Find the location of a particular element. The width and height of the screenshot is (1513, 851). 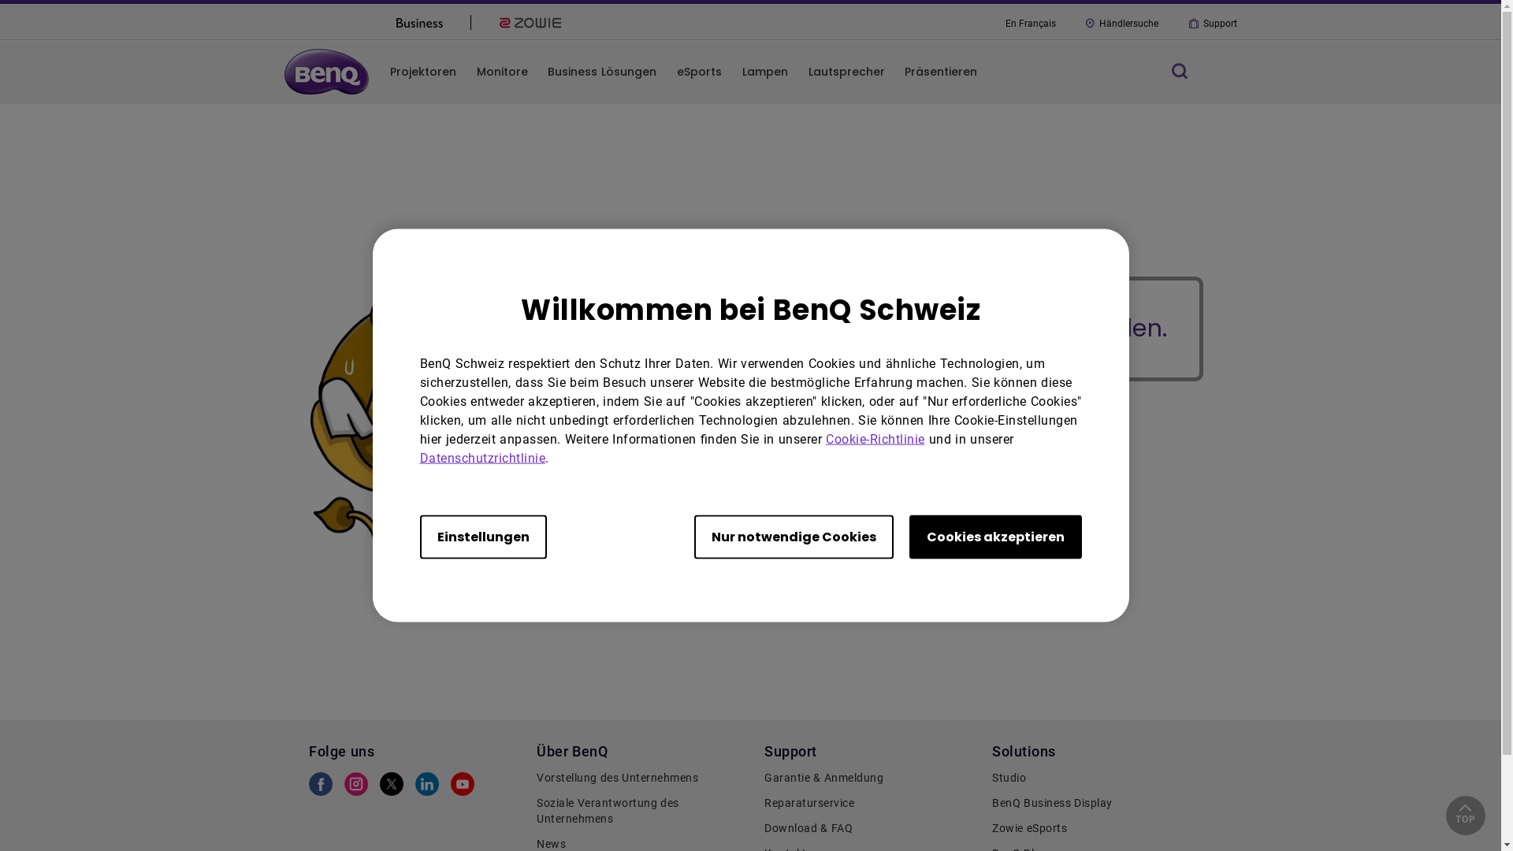

'Vorstellung des Unternehmens' is located at coordinates (642, 777).